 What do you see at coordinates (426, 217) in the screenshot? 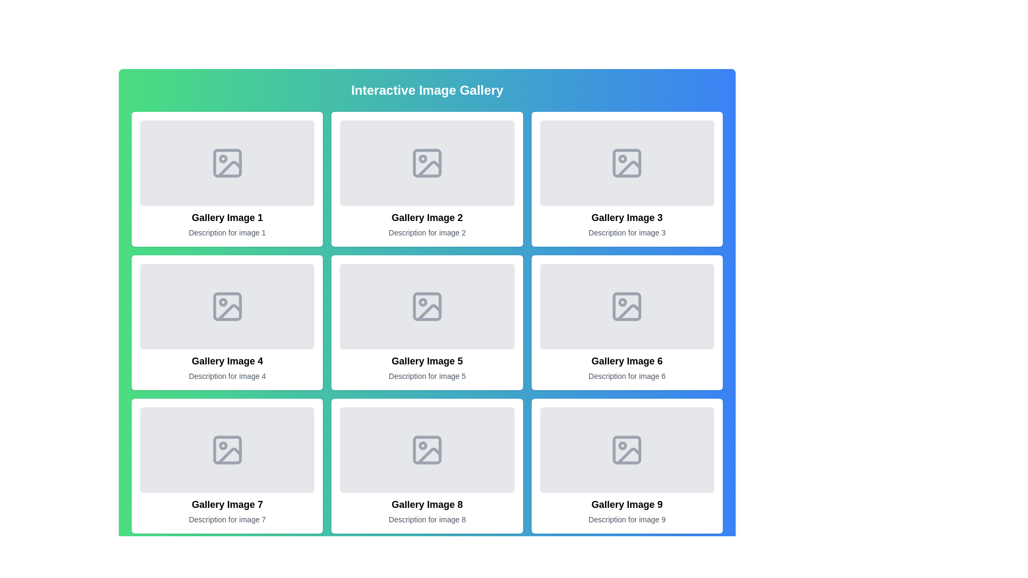
I see `text label displaying 'Gallery Image 2' located in the middle column of the first row in the gallery grid layout` at bounding box center [426, 217].